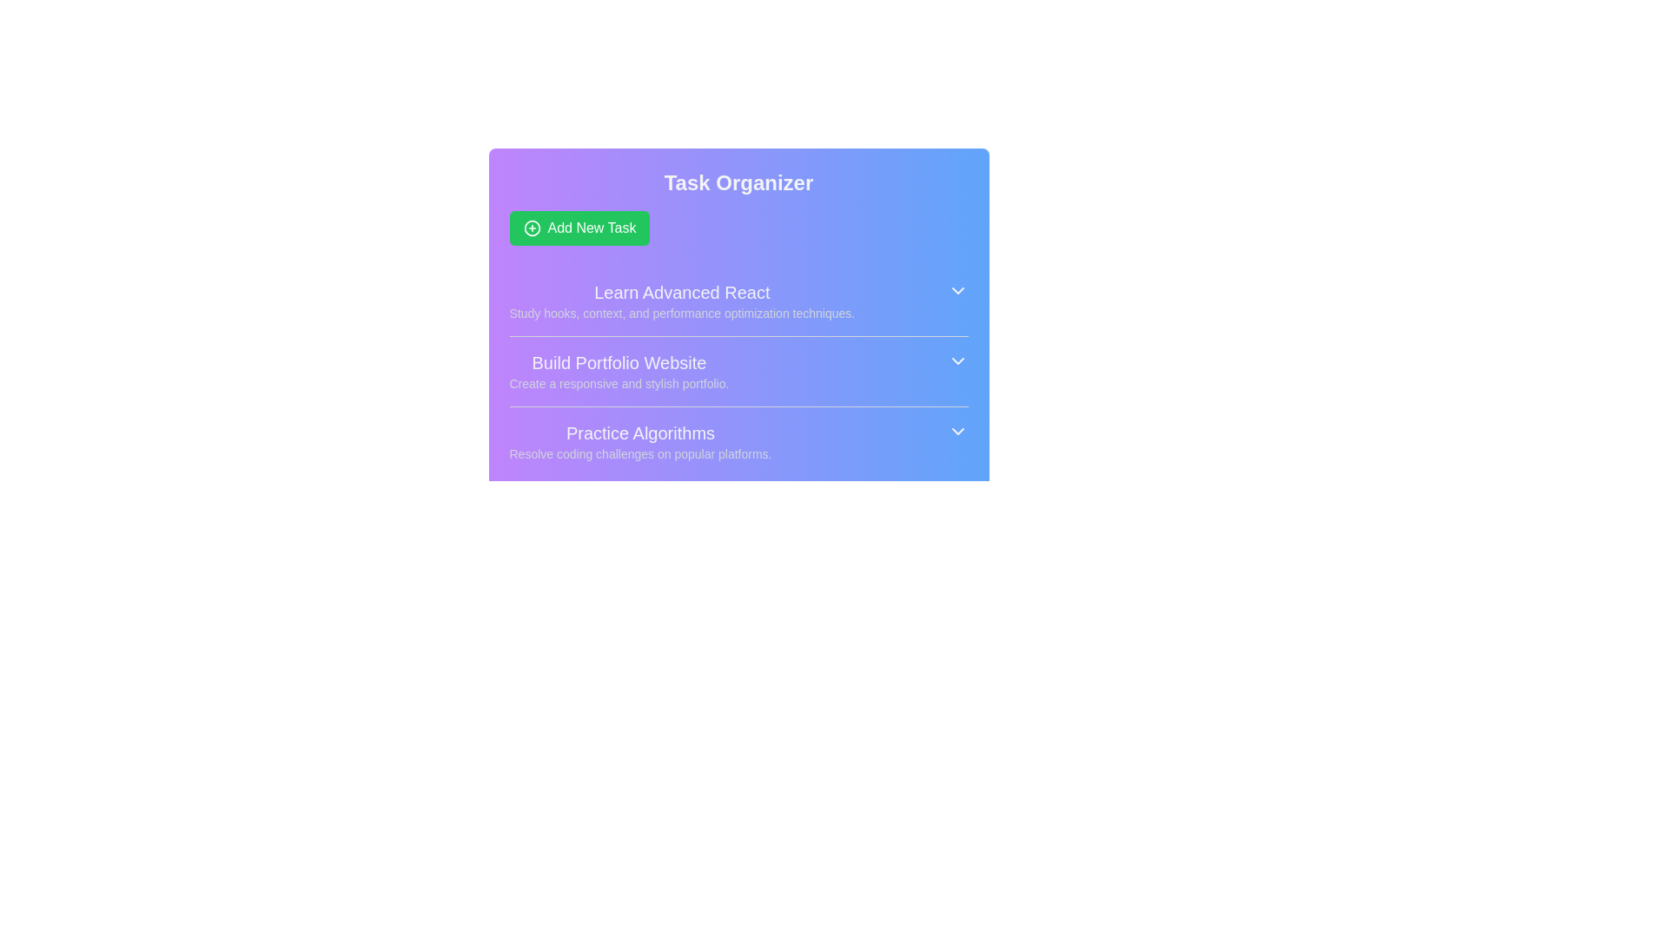 Image resolution: width=1668 pixels, height=938 pixels. I want to click on text displayed in the text block that contains 'Build Portfolio Website' and 'Create a responsive and stylish portfolio.', so click(619, 371).